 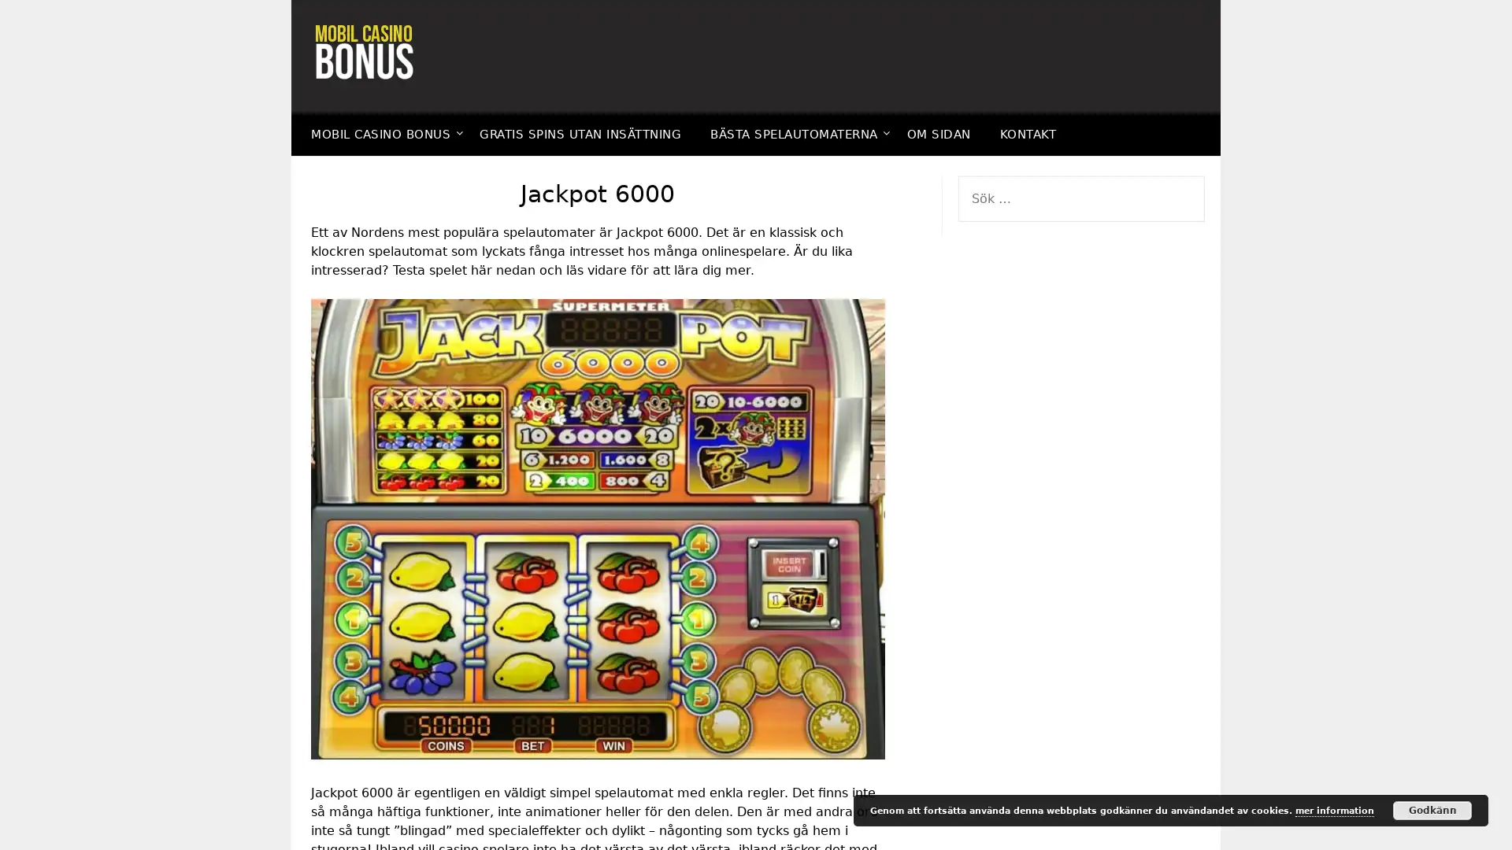 I want to click on Godkann, so click(x=1432, y=810).